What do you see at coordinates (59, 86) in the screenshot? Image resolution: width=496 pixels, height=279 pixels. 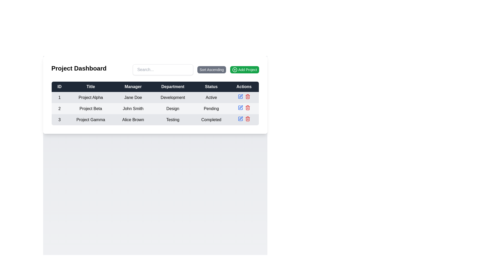 I see `the 'ID' table header, which is the first column header of the table, located within a dark-colored header bar and preceding the 'Title' header` at bounding box center [59, 86].